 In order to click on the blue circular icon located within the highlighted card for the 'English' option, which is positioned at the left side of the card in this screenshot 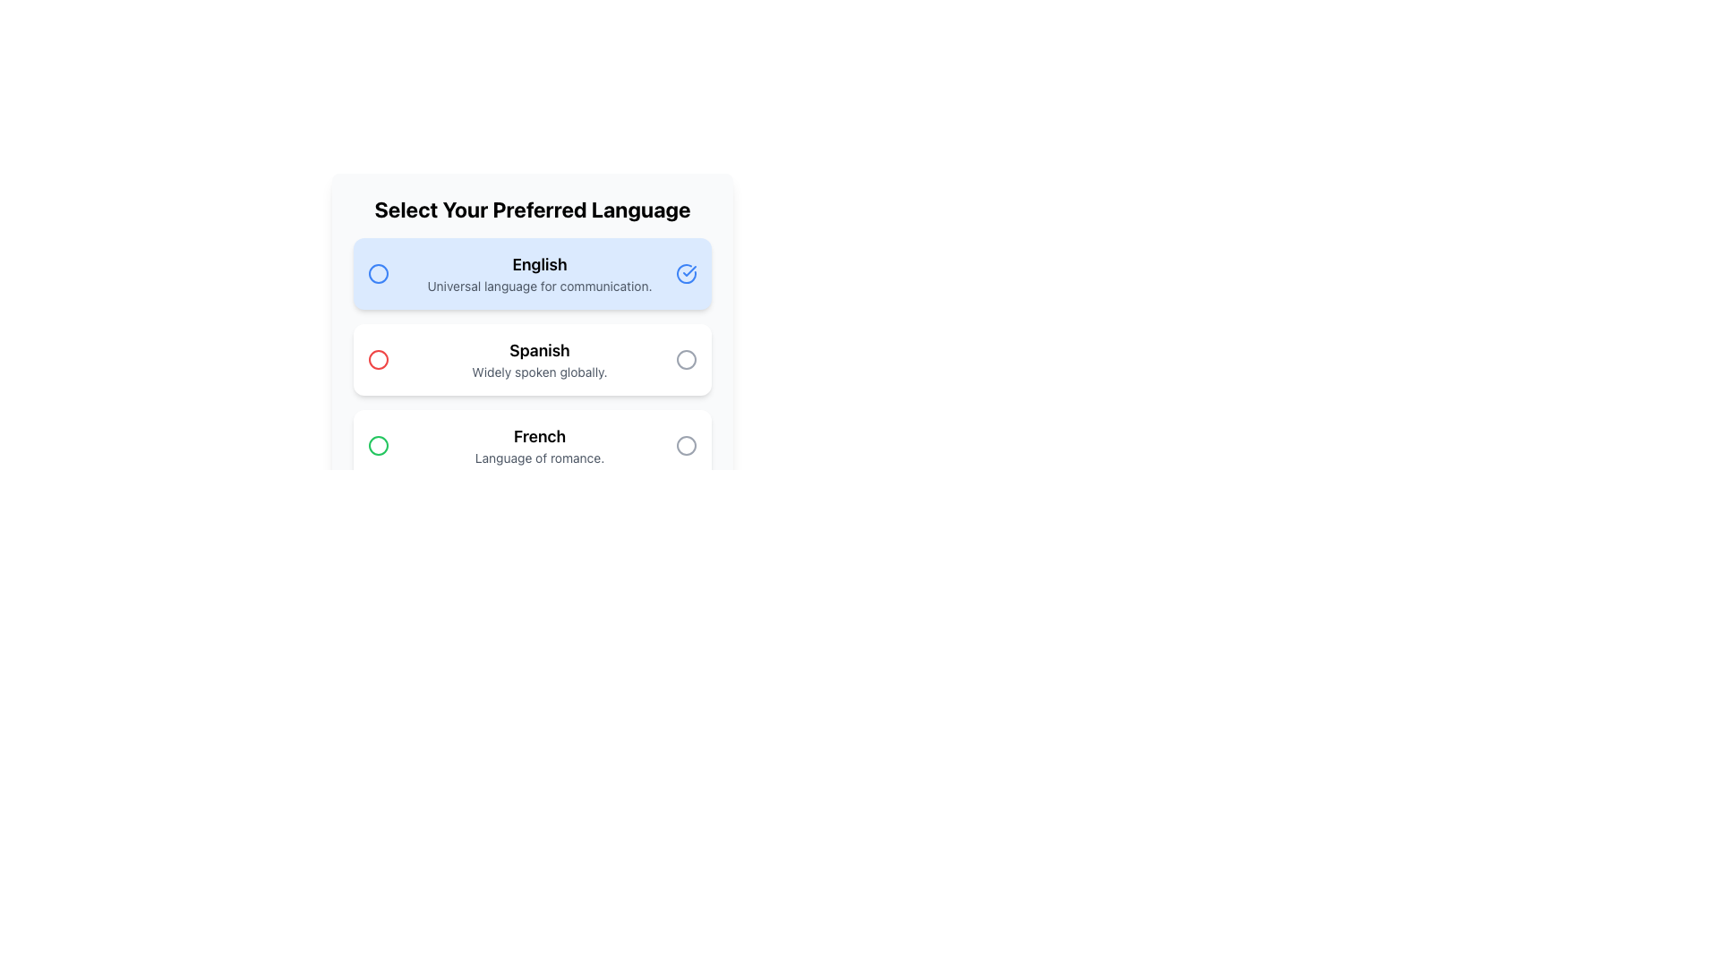, I will do `click(377, 273)`.